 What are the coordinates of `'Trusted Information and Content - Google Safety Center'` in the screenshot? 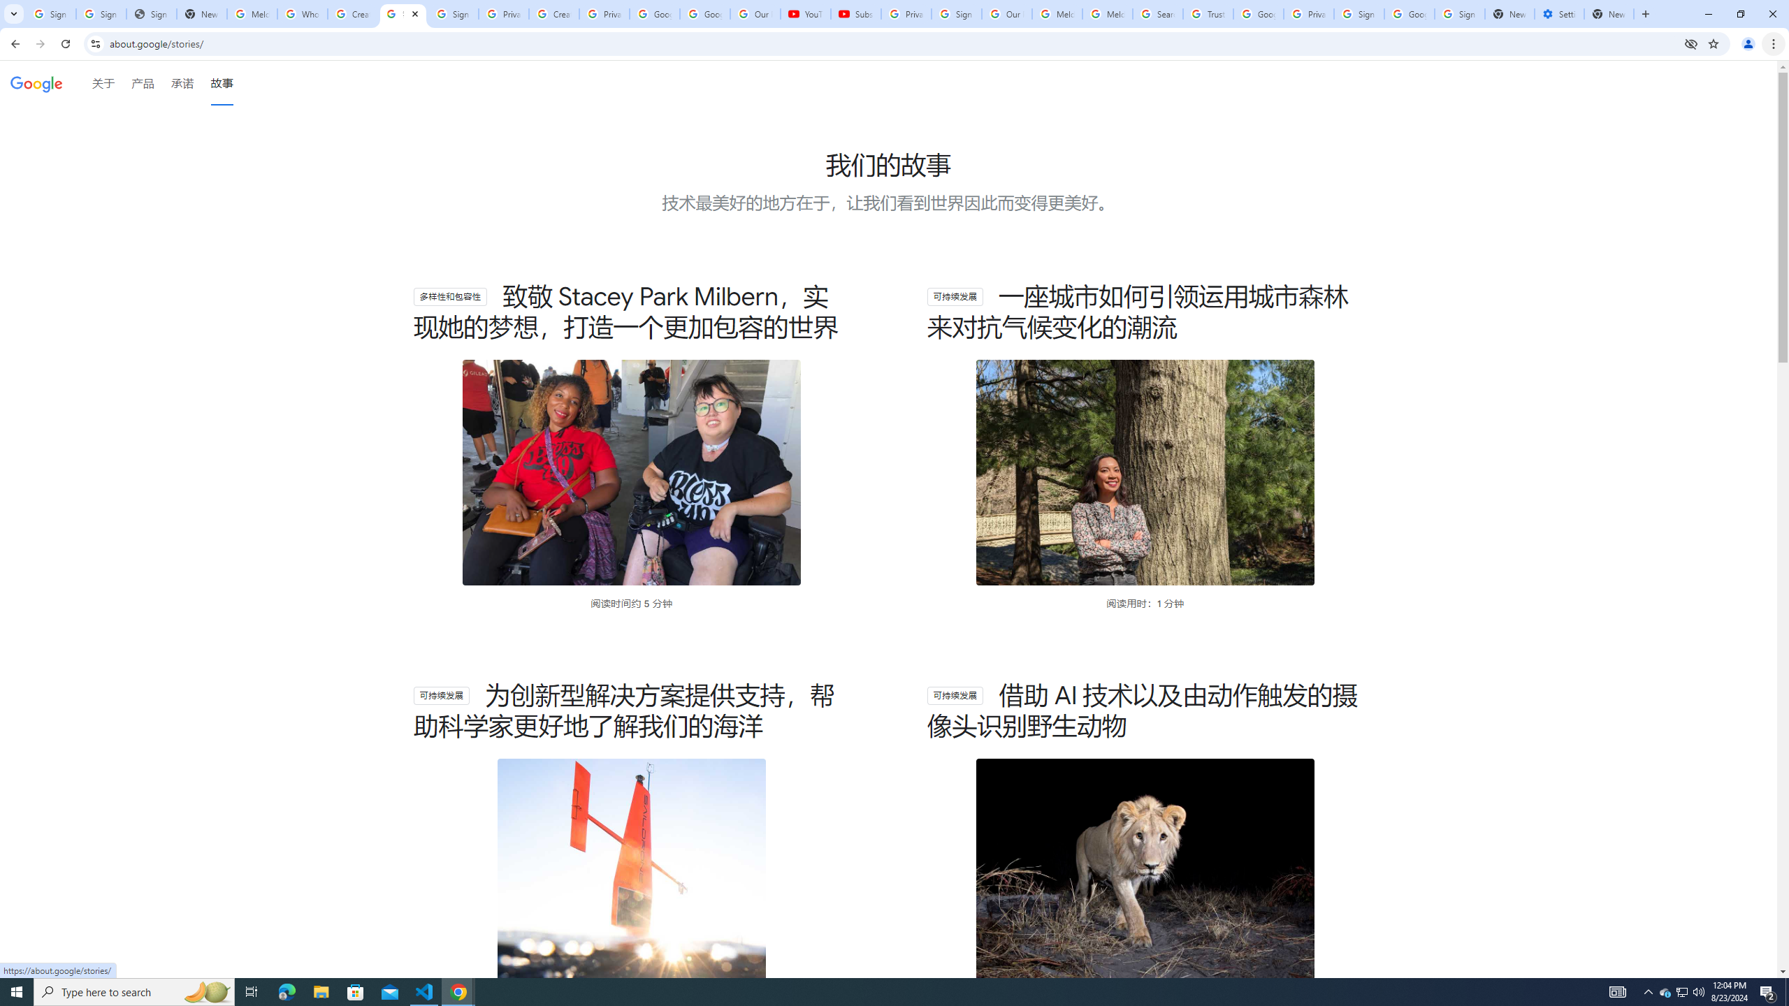 It's located at (1208, 13).